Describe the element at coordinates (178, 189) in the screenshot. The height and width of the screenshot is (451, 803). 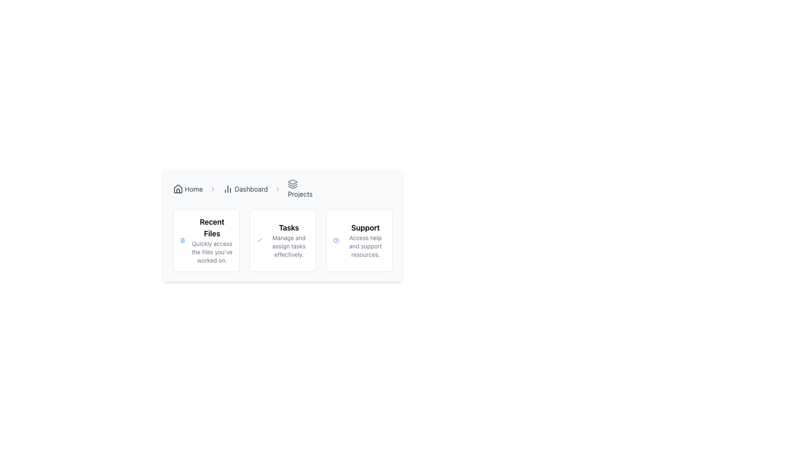
I see `the 'Home' navigation icon located in the leftmost position of the breadcrumb-style navigation bar at the top of the interface` at that location.